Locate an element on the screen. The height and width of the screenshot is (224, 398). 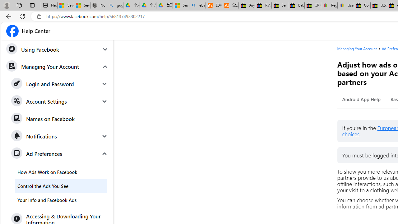
'Class: x1lliihq x1tzjh5l x1k90msu x2h7rmj x1qfuztq x19dipnz' is located at coordinates (12, 31).